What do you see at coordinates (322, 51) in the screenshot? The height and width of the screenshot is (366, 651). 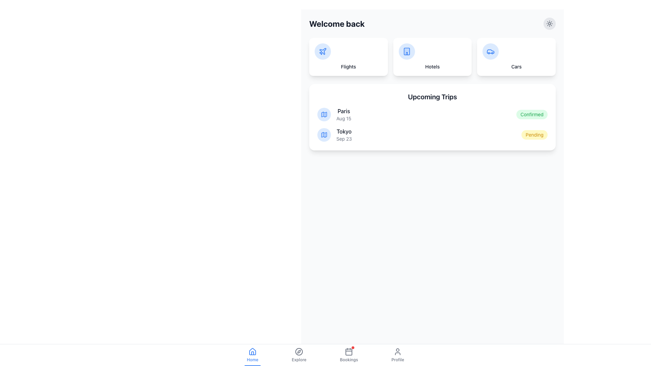 I see `the 'Flights' icon, which represents flight-related services and is centrally located in the top-left card of the interface` at bounding box center [322, 51].